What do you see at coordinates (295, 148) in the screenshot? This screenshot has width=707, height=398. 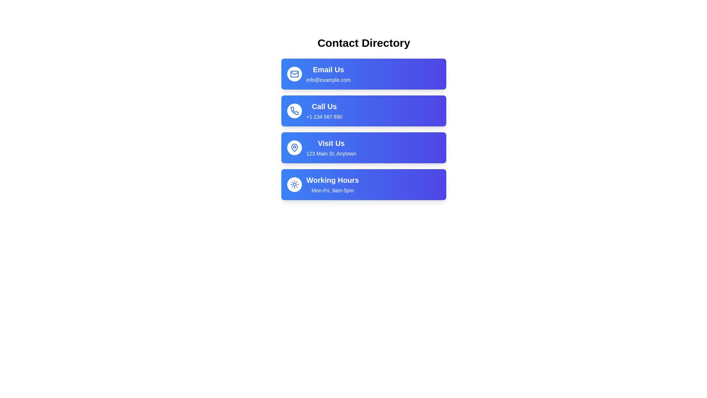 I see `the circular blue pin icon with a white background and blue border located in the third card of the Contact Directory section, positioned to the left of the 'Visit Us' text` at bounding box center [295, 148].